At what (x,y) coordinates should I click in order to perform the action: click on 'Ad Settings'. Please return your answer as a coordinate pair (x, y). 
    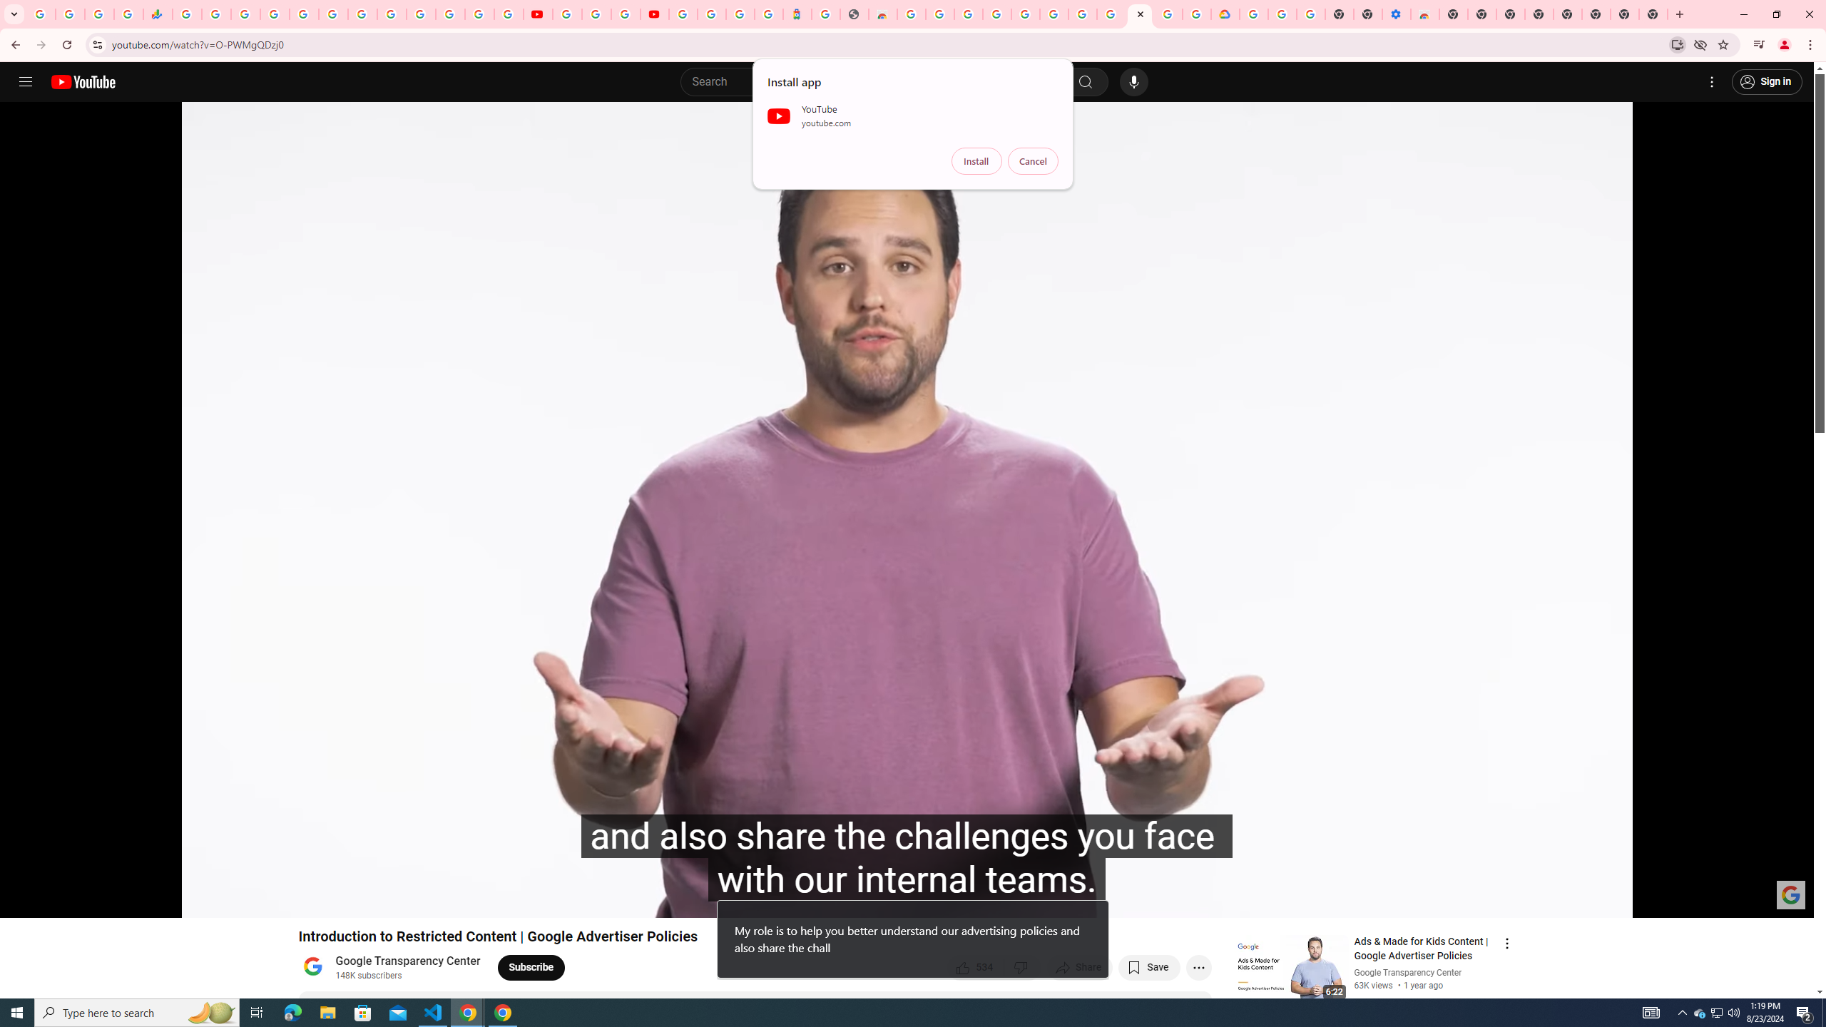
    Looking at the image, I should click on (996, 14).